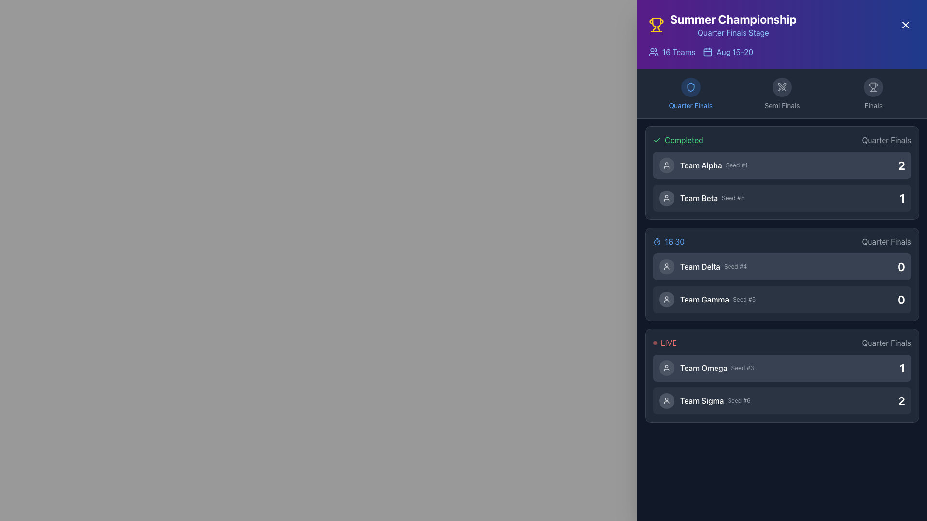  Describe the element at coordinates (690, 94) in the screenshot. I see `the 'Quarter Finals' tab` at that location.